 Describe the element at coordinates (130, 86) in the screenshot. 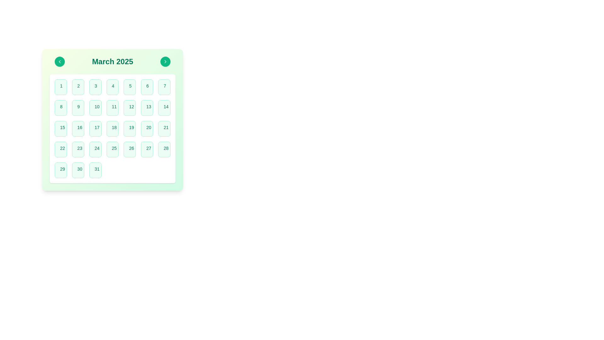

I see `the static text element representing the calendar date March 5, 2025, which is visually indicated within a green-bordered rounded rectangle` at that location.